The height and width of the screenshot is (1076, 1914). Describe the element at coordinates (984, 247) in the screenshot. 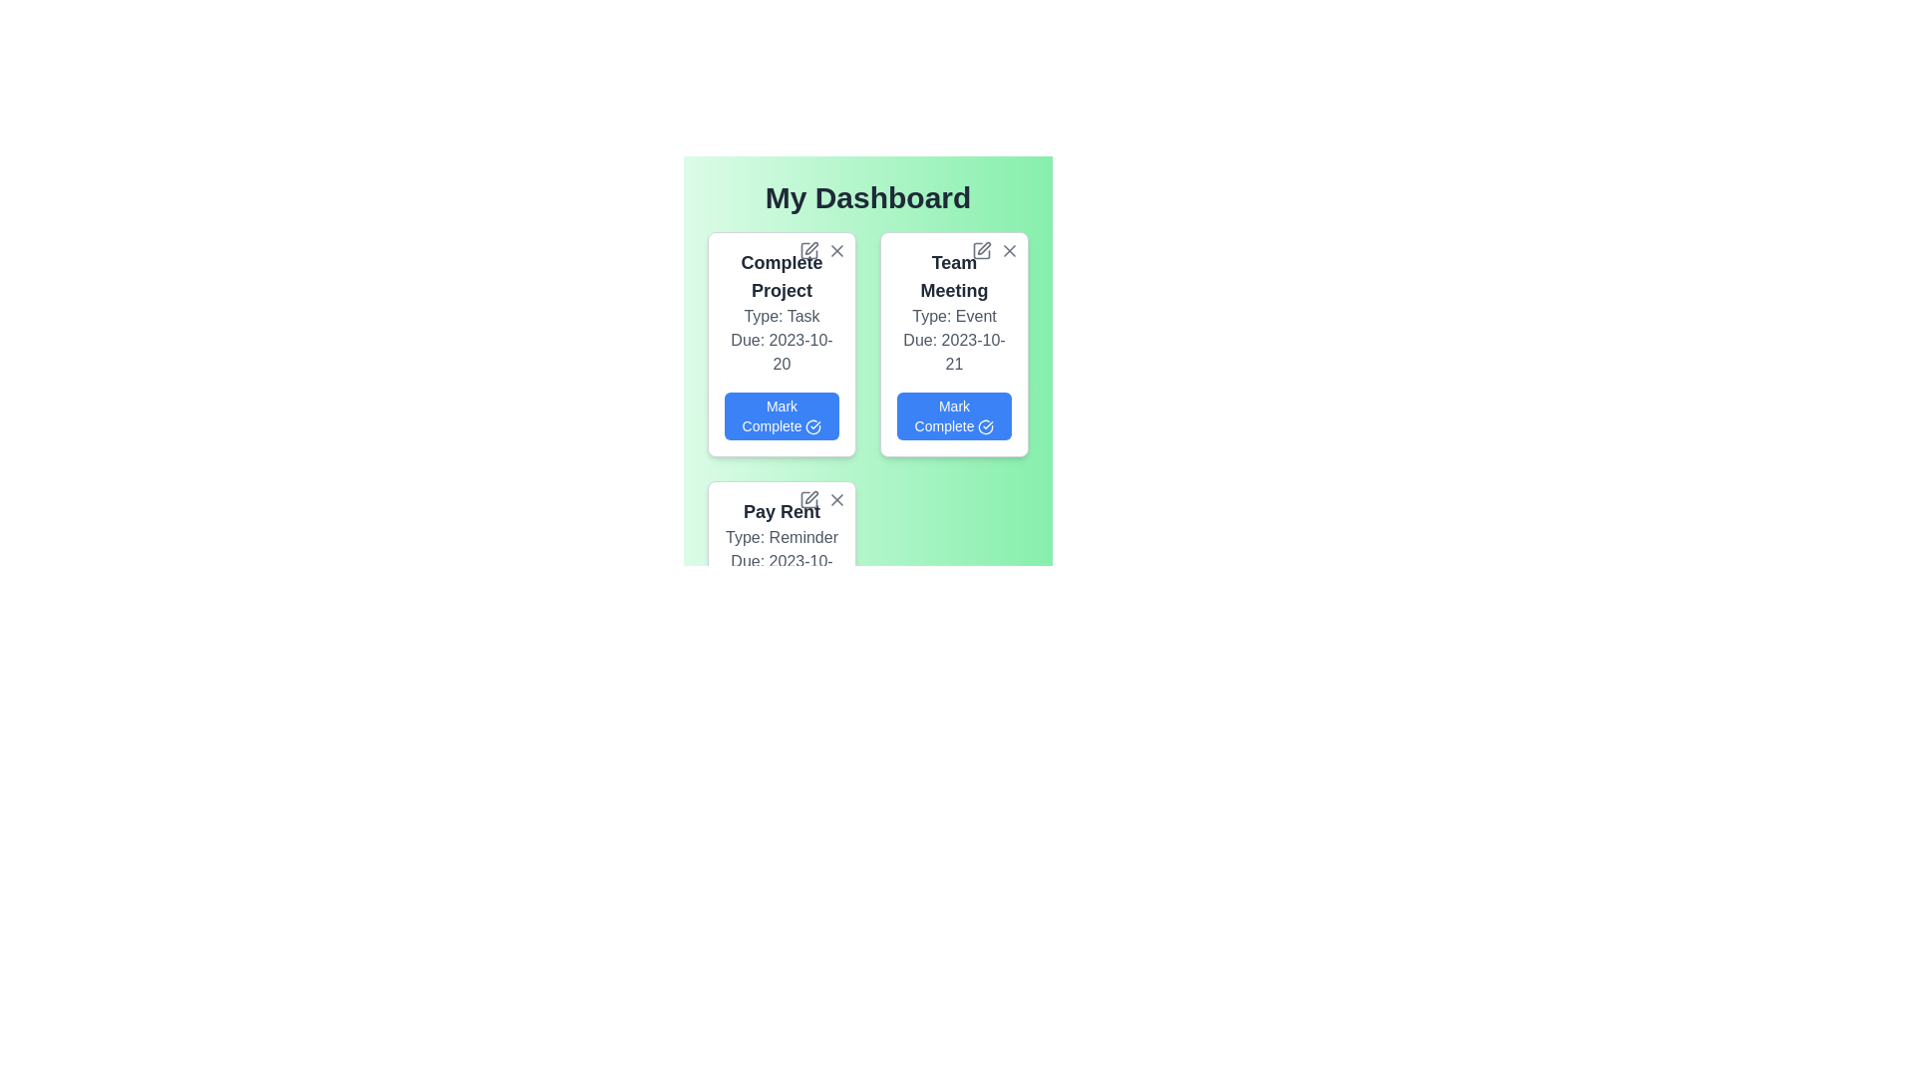

I see `the pen icon located at the top-right corner of the 'Team Meeting' card to initiate the edit action` at that location.